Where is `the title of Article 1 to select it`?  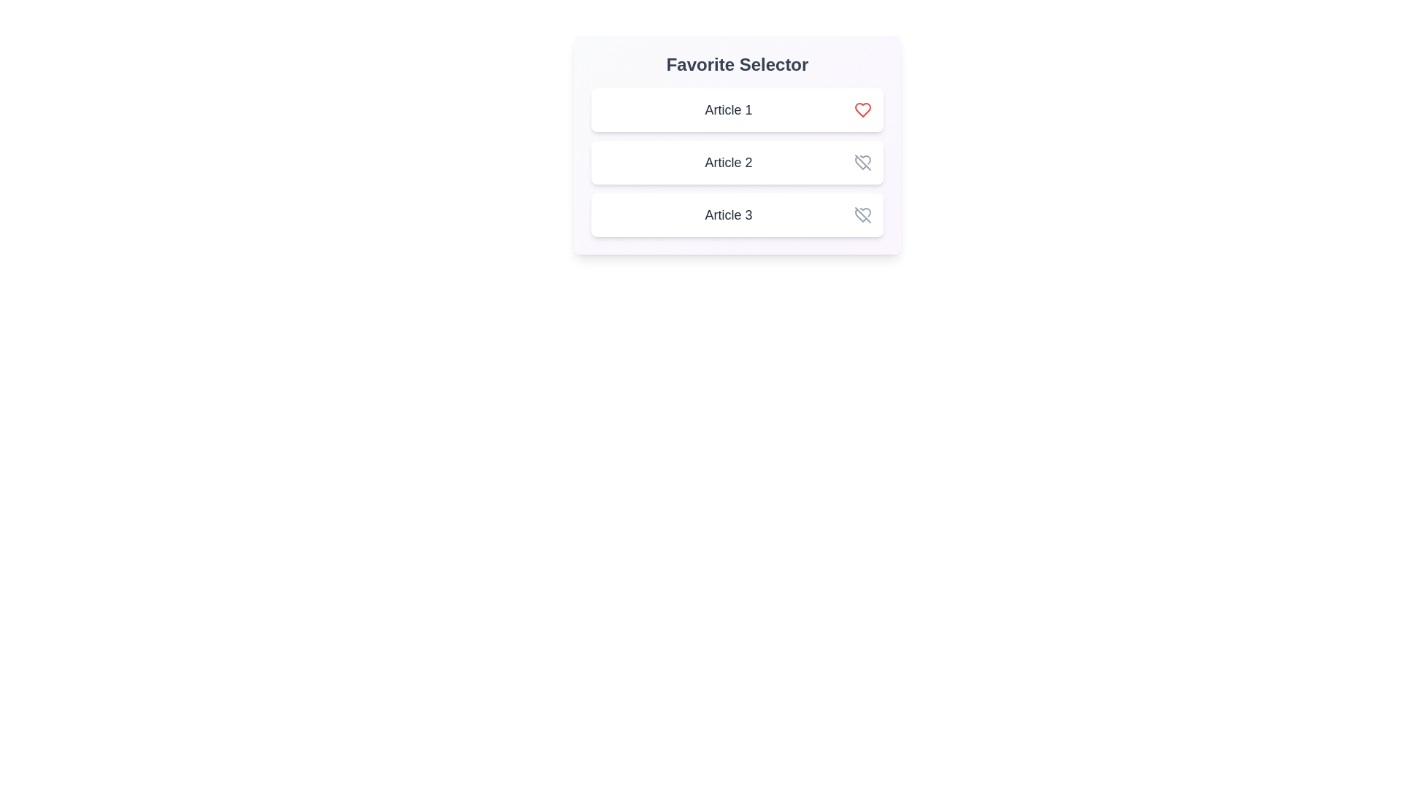
the title of Article 1 to select it is located at coordinates (729, 109).